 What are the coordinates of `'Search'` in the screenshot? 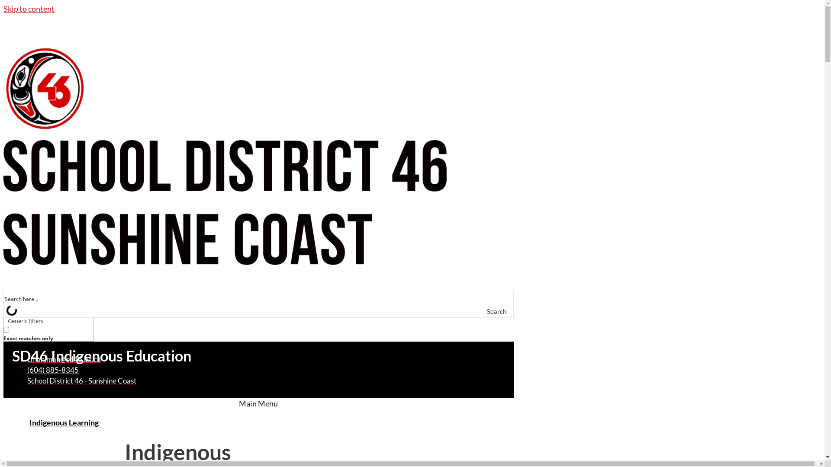 It's located at (499, 311).